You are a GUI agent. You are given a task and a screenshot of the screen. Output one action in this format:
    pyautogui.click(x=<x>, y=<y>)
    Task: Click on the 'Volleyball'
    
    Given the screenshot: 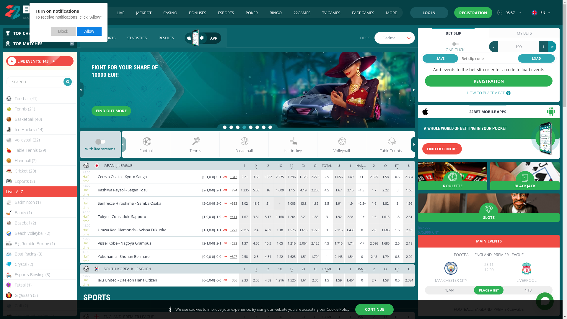 What is the action you would take?
    pyautogui.click(x=341, y=144)
    